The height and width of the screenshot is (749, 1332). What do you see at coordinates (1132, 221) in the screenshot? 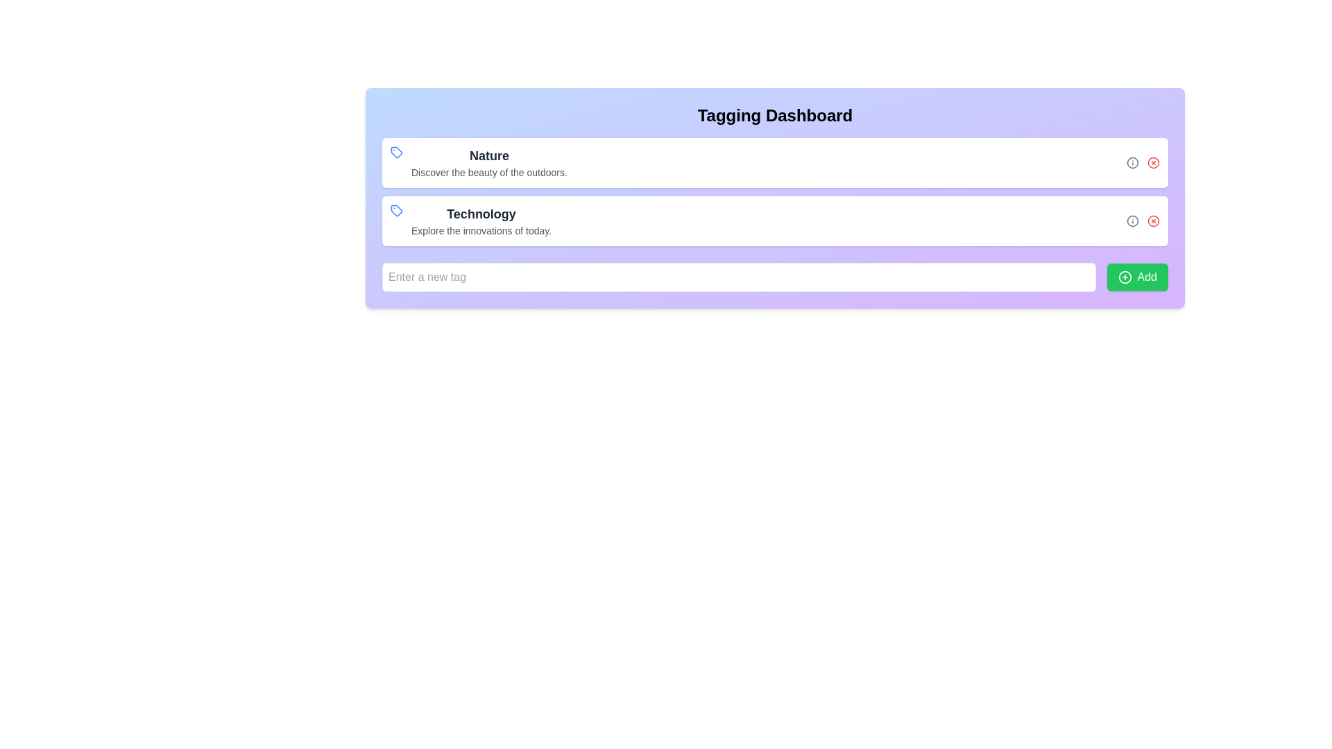
I see `the SVG Circle located in the second row under the 'Technology' label, which denotes an interactive or informative operation in the associated list item` at bounding box center [1132, 221].